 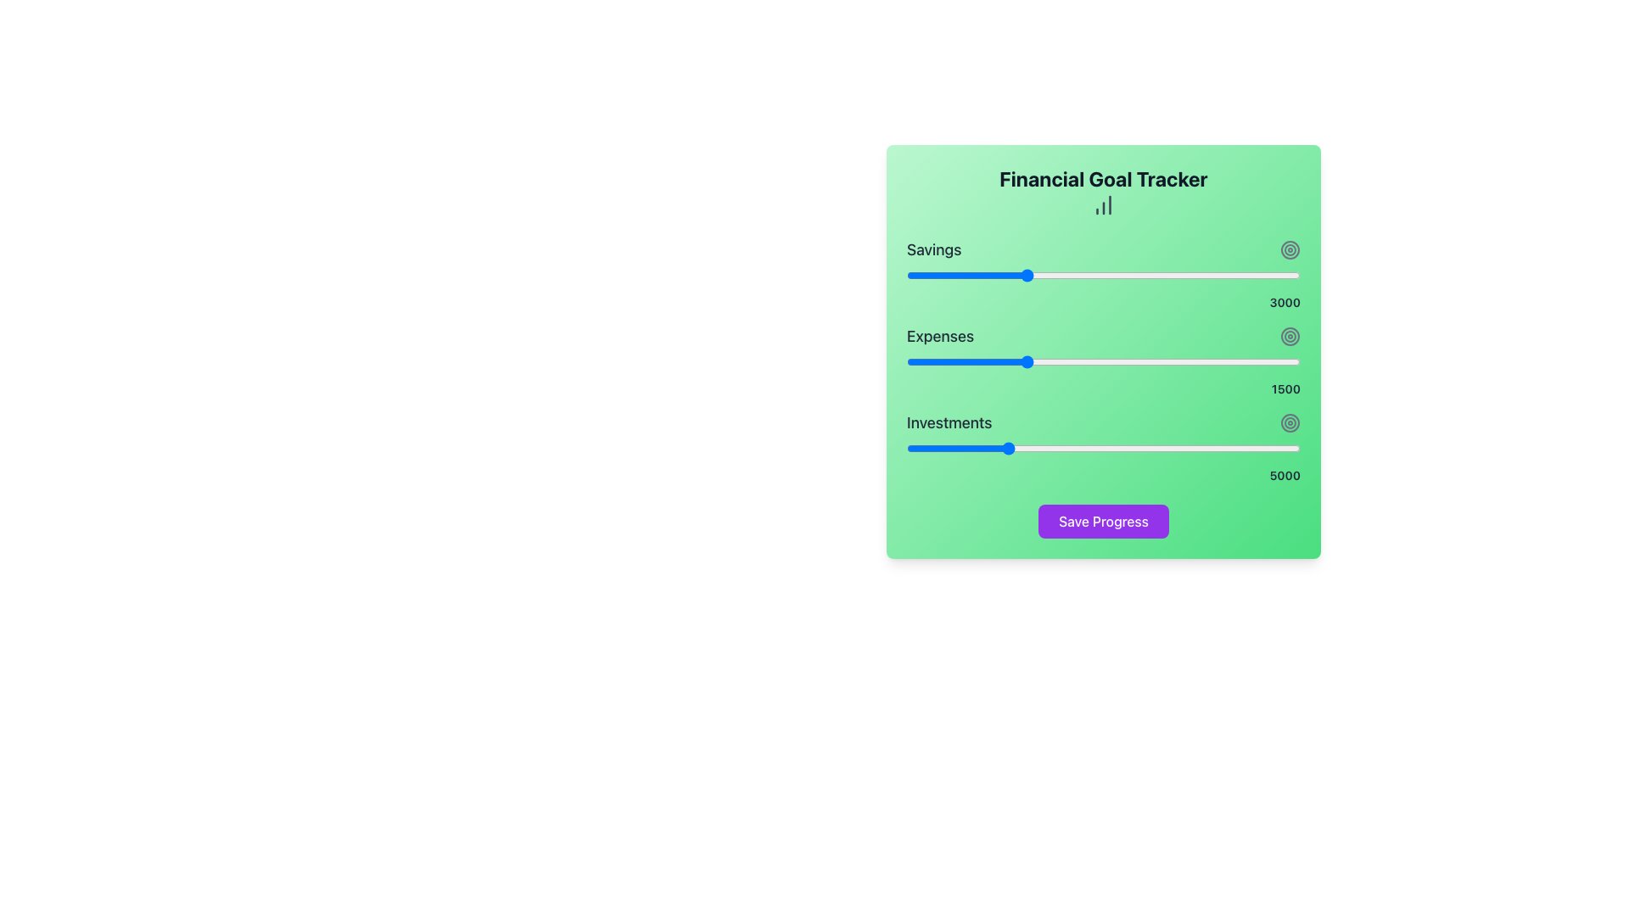 What do you see at coordinates (1087, 361) in the screenshot?
I see `the expense value` at bounding box center [1087, 361].